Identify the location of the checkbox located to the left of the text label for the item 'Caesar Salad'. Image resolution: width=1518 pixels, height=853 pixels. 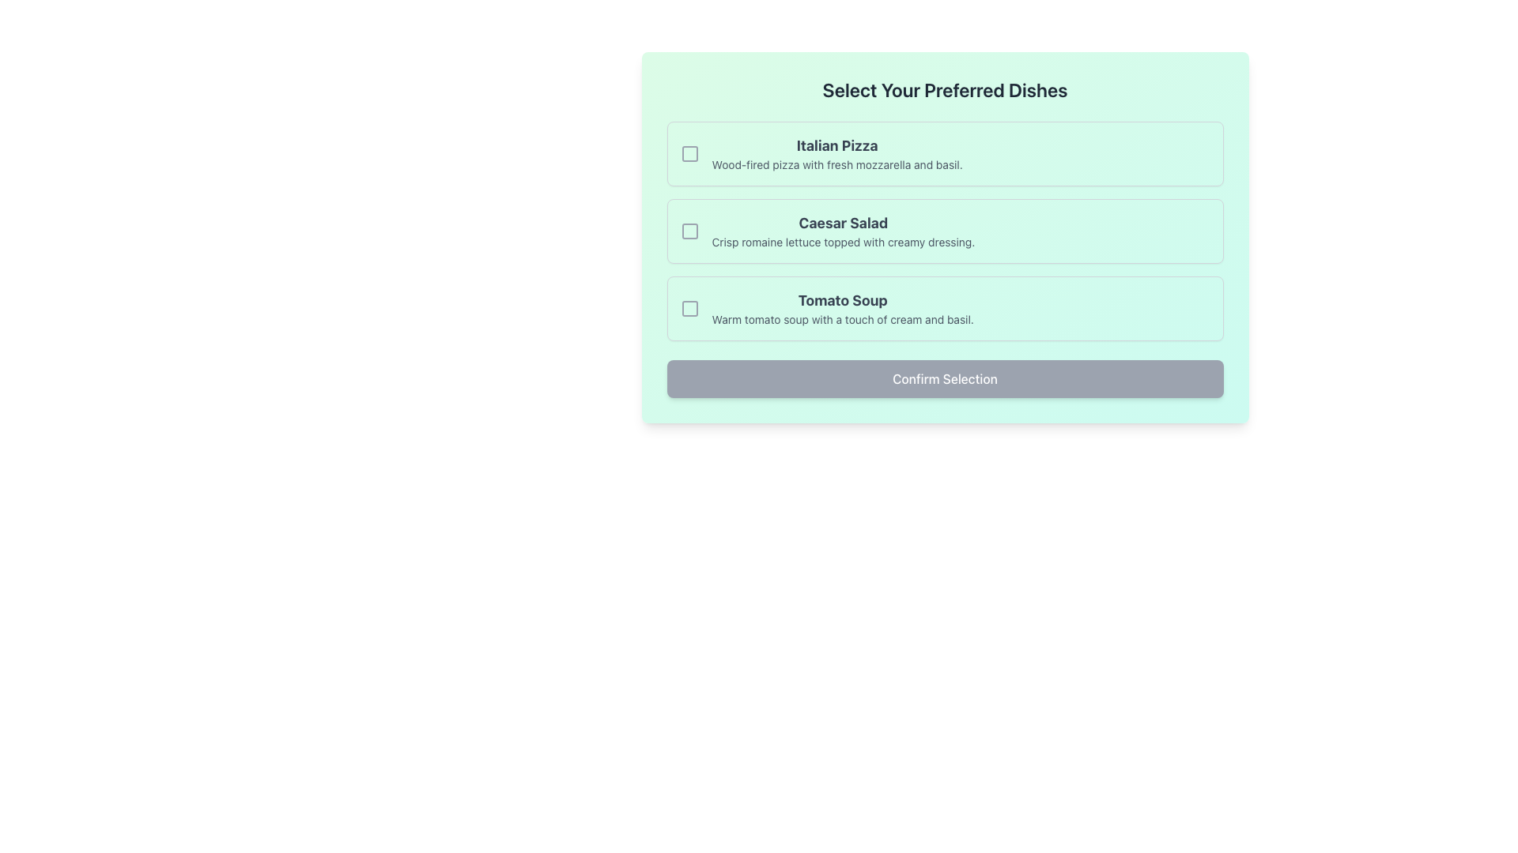
(689, 231).